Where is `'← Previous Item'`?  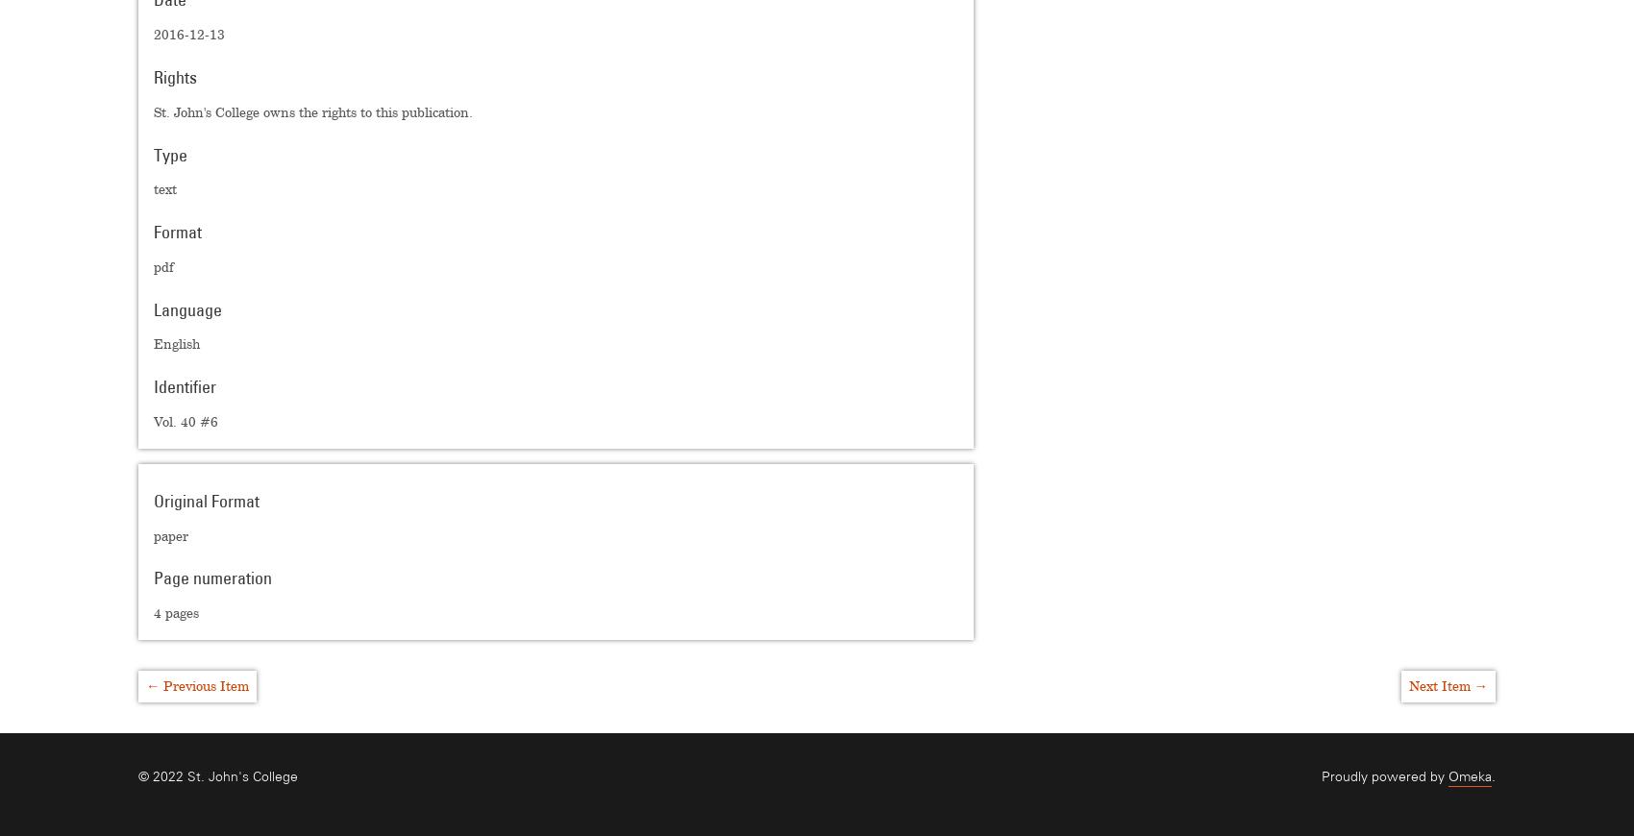 '← Previous Item' is located at coordinates (196, 684).